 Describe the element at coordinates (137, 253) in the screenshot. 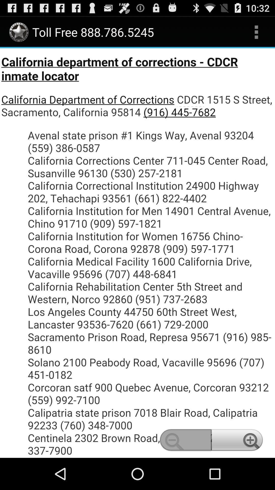

I see `zoom` at that location.